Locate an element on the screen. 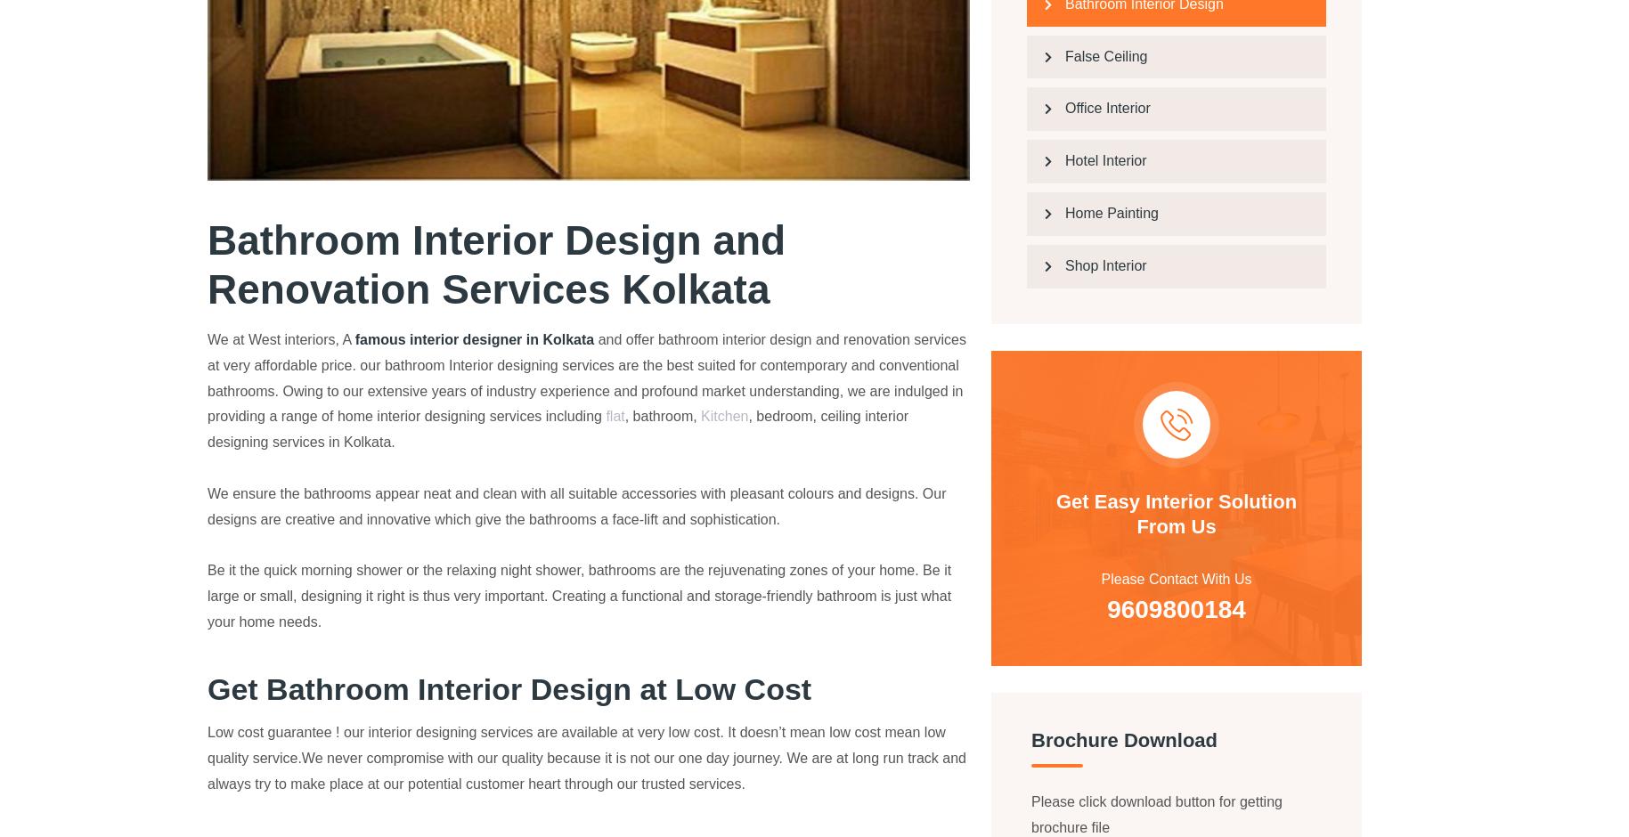  '5' is located at coordinates (410, 41).